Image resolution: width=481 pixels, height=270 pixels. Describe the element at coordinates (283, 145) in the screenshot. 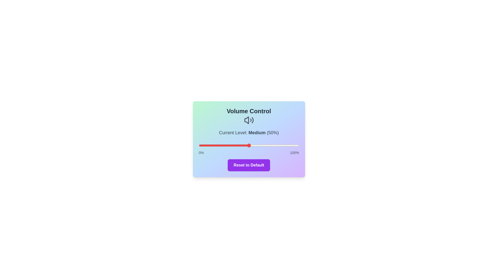

I see `the volume to 84% by dragging the slider` at that location.